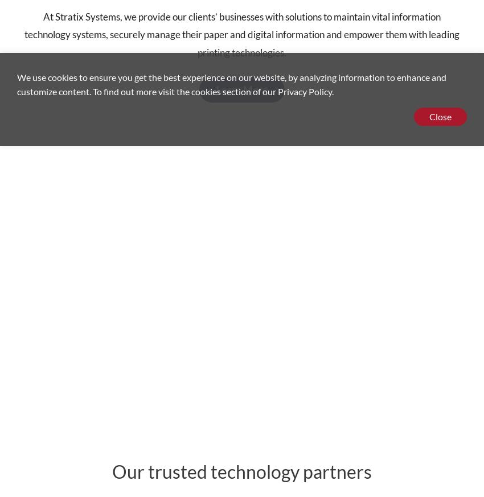 This screenshot has height=497, width=484. Describe the element at coordinates (242, 267) in the screenshot. I see `'Every day, thousands of organizations throughout Pennsylvania and New Jersey rely on our services to improve productivity, streamline operations and reduce their costs. Whatever your need for imaging and printing solutions, you can count on Stratix Systems.'` at that location.